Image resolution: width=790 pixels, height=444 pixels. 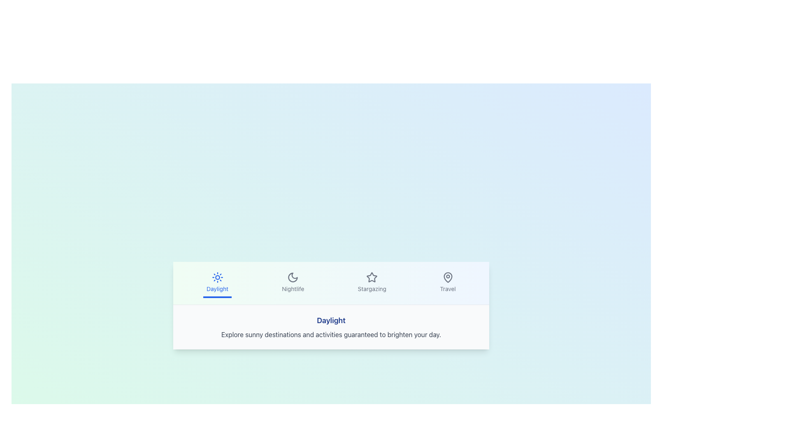 I want to click on description provided for the 'Daylight' tab in the panel with tabbed navigation and descriptive information area, which is a rounded rectangular element with a white background and a light gradient at the top, so click(x=331, y=305).